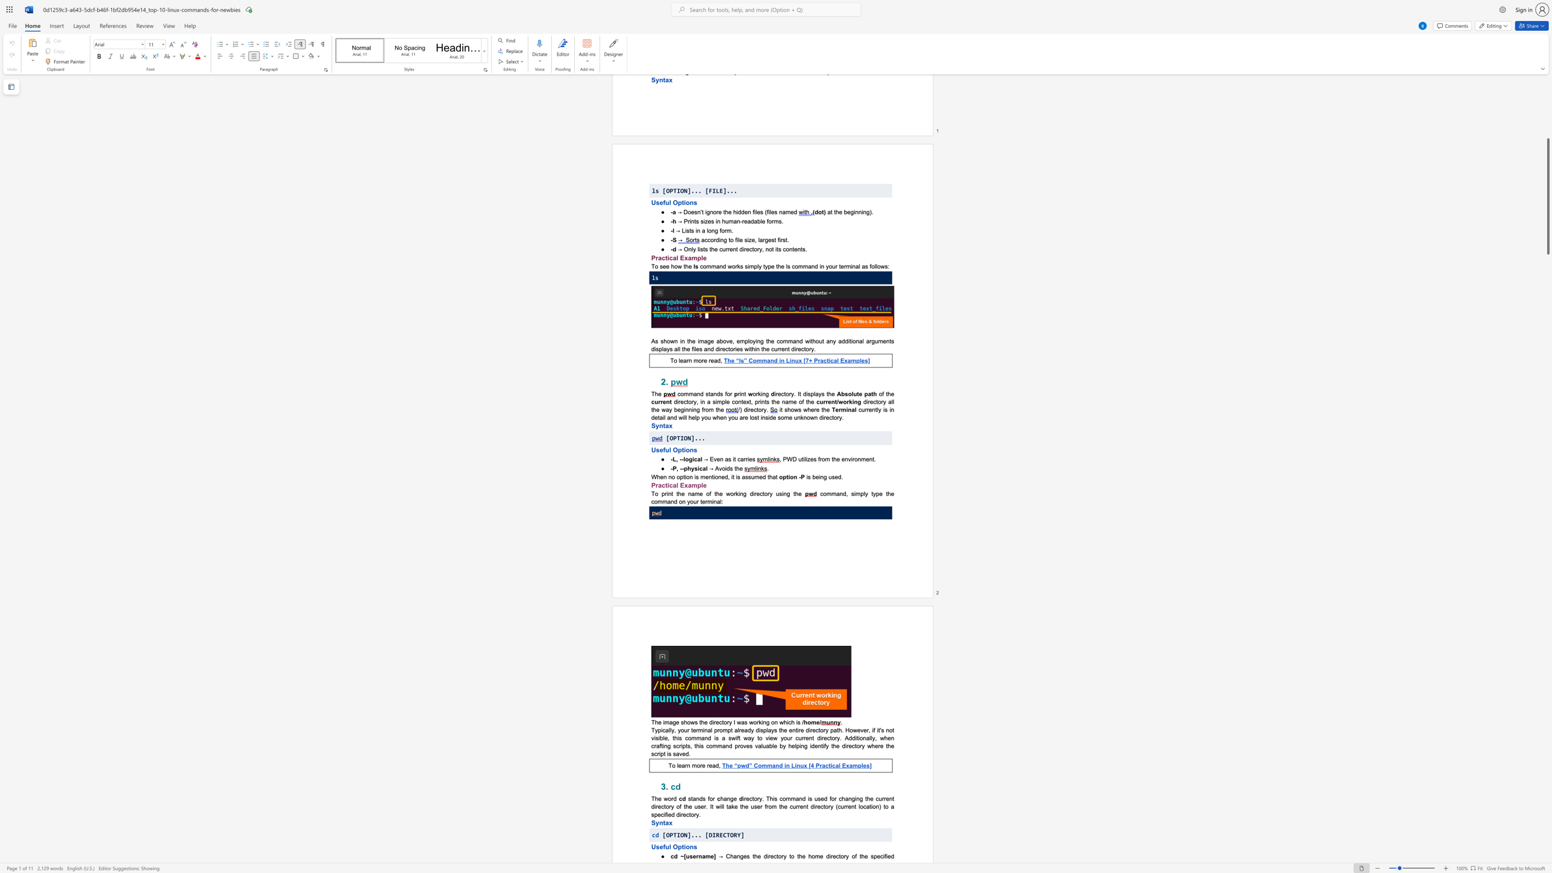 Image resolution: width=1552 pixels, height=873 pixels. I want to click on the subset text "ved." within the text "the directory where the script is saved.", so click(679, 753).